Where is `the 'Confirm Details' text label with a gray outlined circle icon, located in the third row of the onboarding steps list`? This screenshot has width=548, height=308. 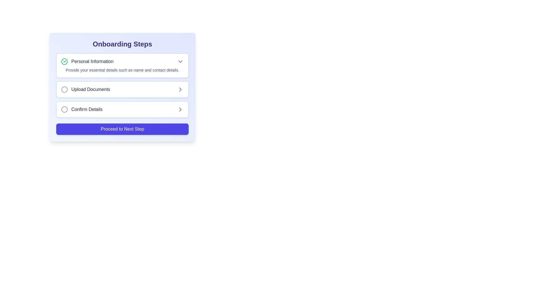
the 'Confirm Details' text label with a gray outlined circle icon, located in the third row of the onboarding steps list is located at coordinates (81, 110).